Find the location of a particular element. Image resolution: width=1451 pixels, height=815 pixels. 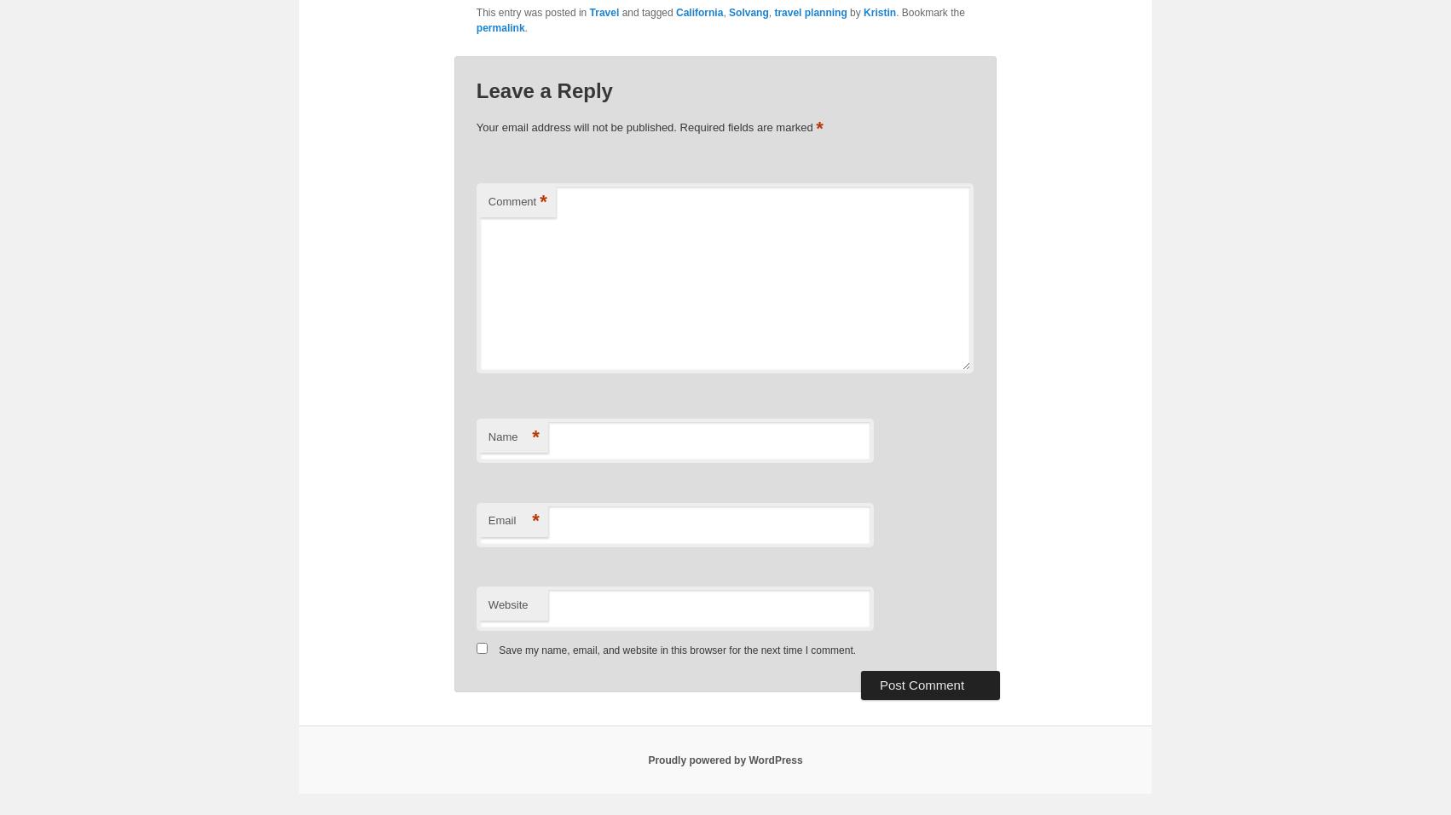

'Proudly powered by WordPress' is located at coordinates (724, 759).